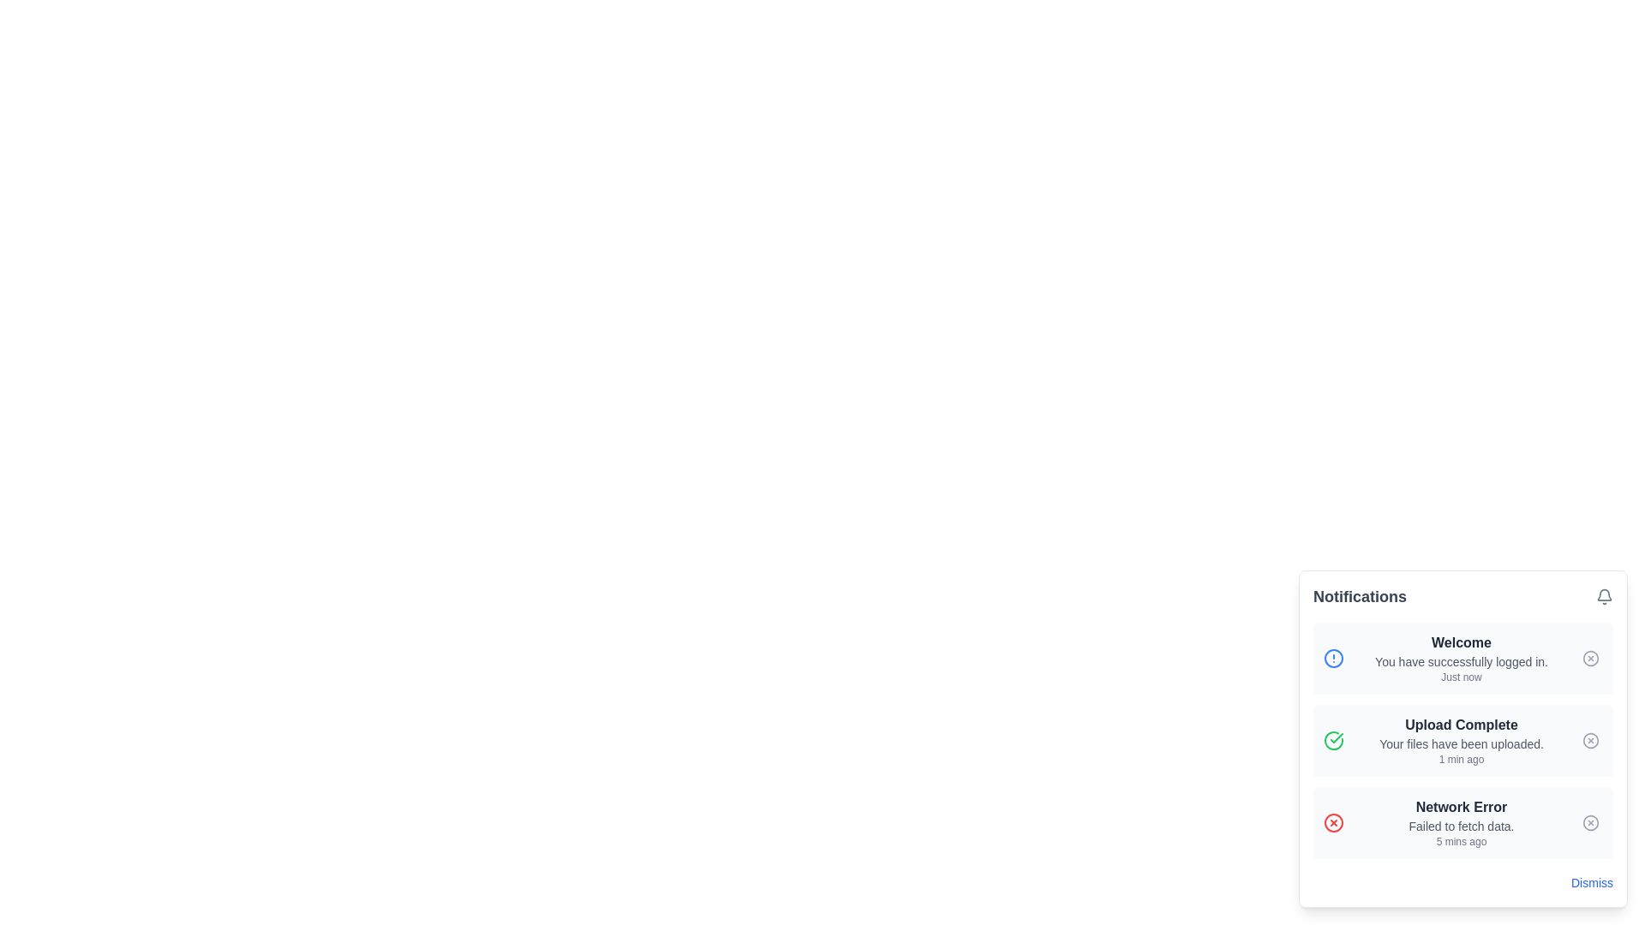 This screenshot has height=925, width=1645. What do you see at coordinates (1332, 657) in the screenshot?
I see `the SVG Circle that visually represents the alert state associated with the first notification in the notification list, located next to the label 'Welcome'` at bounding box center [1332, 657].